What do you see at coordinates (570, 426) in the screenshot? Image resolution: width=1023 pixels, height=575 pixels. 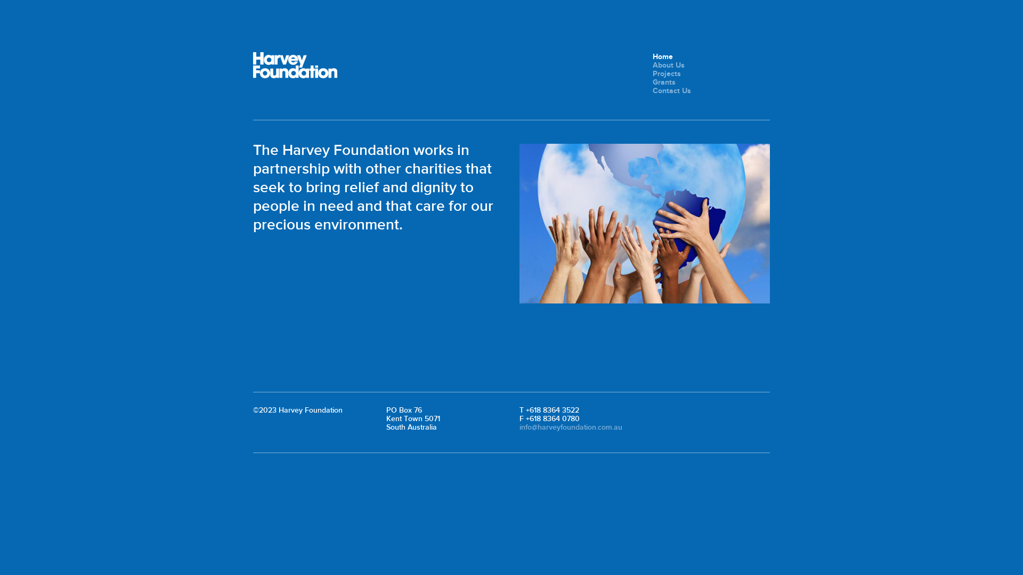 I see `'info@harveyfoundation.com.au'` at bounding box center [570, 426].